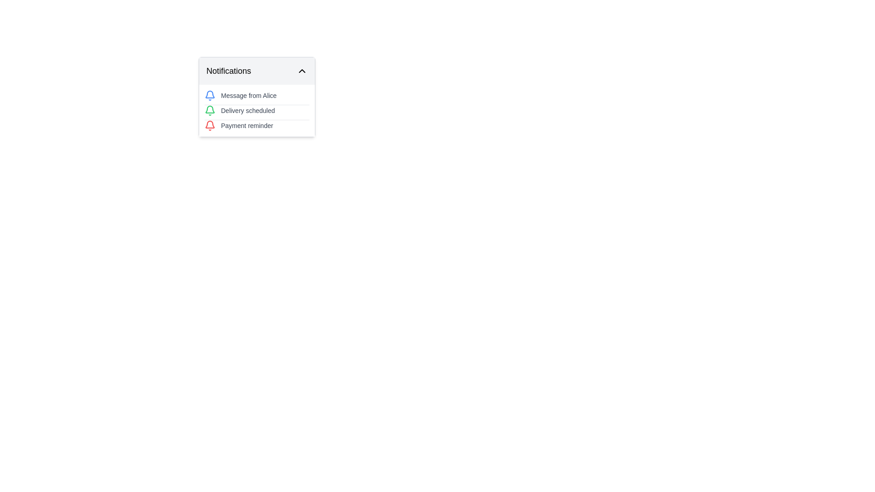 The width and height of the screenshot is (875, 492). I want to click on the small green bell icon indicating an alert or notification, located within the second item of a vertical notification list, aligned to the left of the text 'Delivery scheduled', so click(209, 110).